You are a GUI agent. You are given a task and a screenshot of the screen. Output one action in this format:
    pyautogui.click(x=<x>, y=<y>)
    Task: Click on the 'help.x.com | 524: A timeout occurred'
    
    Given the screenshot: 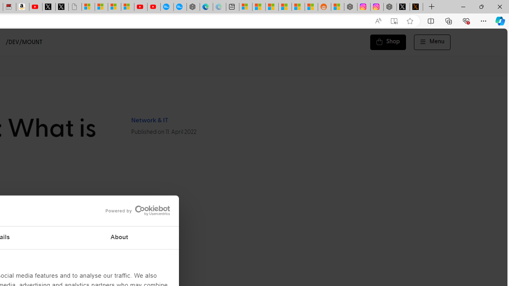 What is the action you would take?
    pyautogui.click(x=416, y=7)
    